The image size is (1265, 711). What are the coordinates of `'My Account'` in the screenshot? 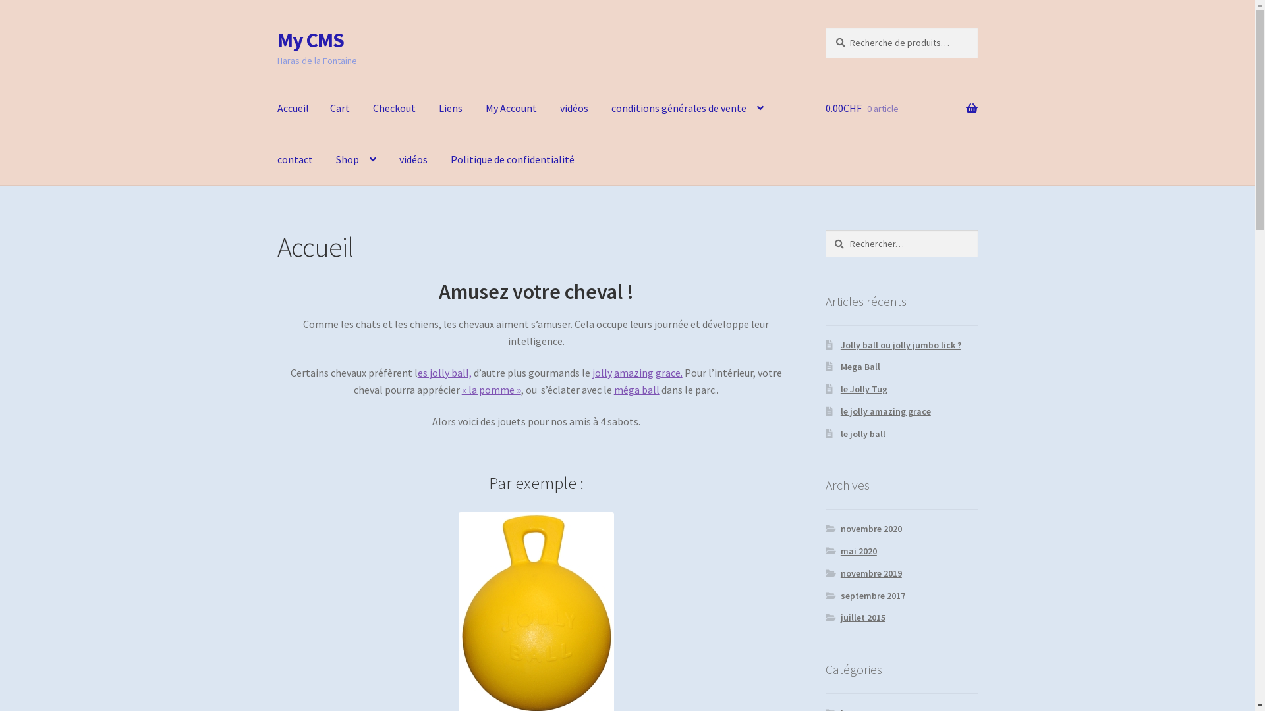 It's located at (511, 108).